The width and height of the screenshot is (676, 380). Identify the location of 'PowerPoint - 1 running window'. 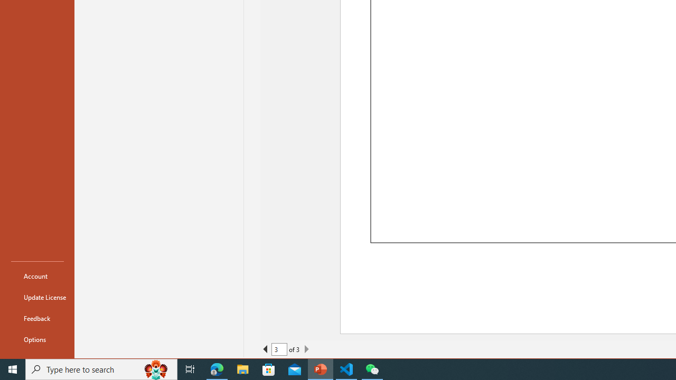
(320, 368).